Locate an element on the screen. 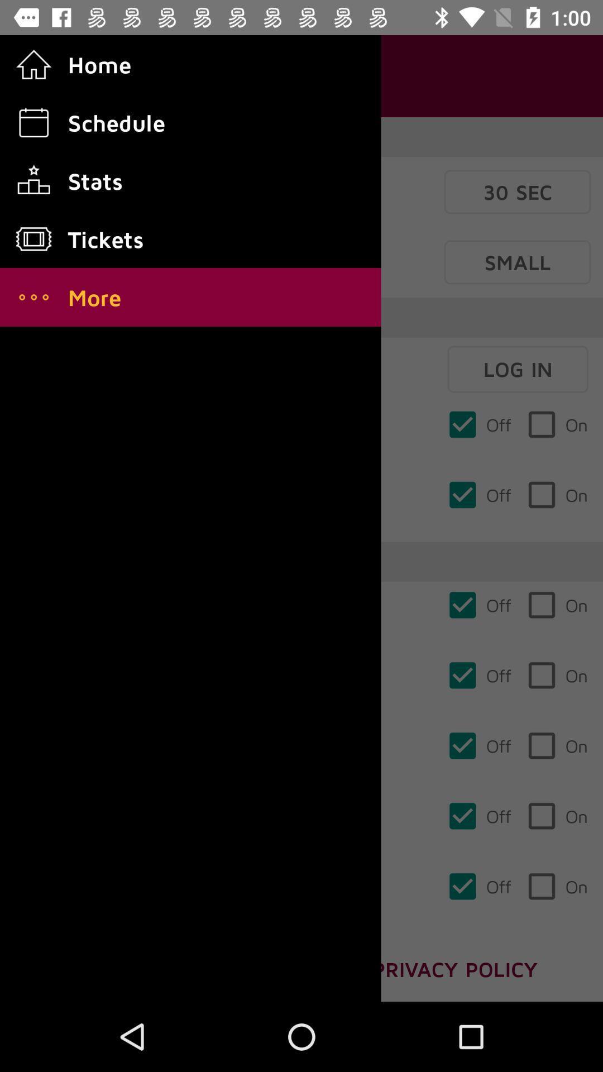  on which is below log in on the page is located at coordinates (557, 424).